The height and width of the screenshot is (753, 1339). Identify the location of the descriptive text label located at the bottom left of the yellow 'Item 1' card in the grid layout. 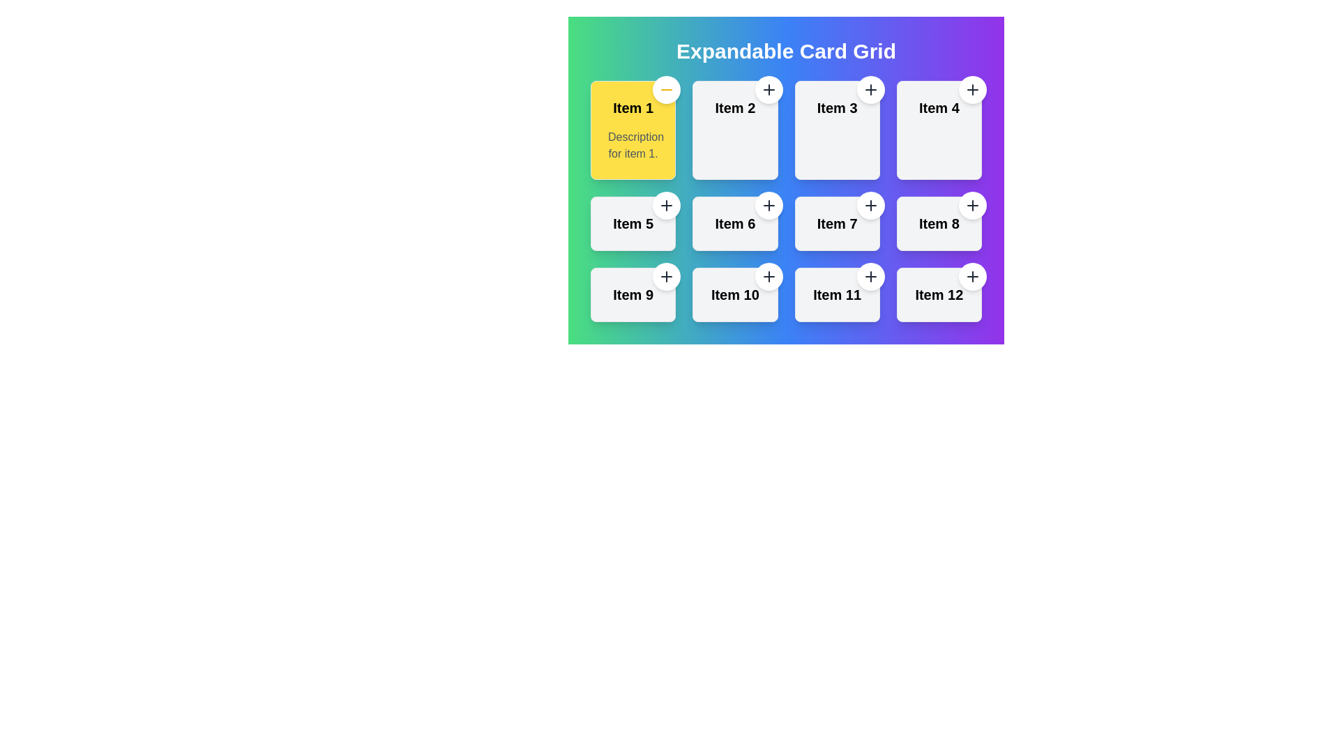
(633, 145).